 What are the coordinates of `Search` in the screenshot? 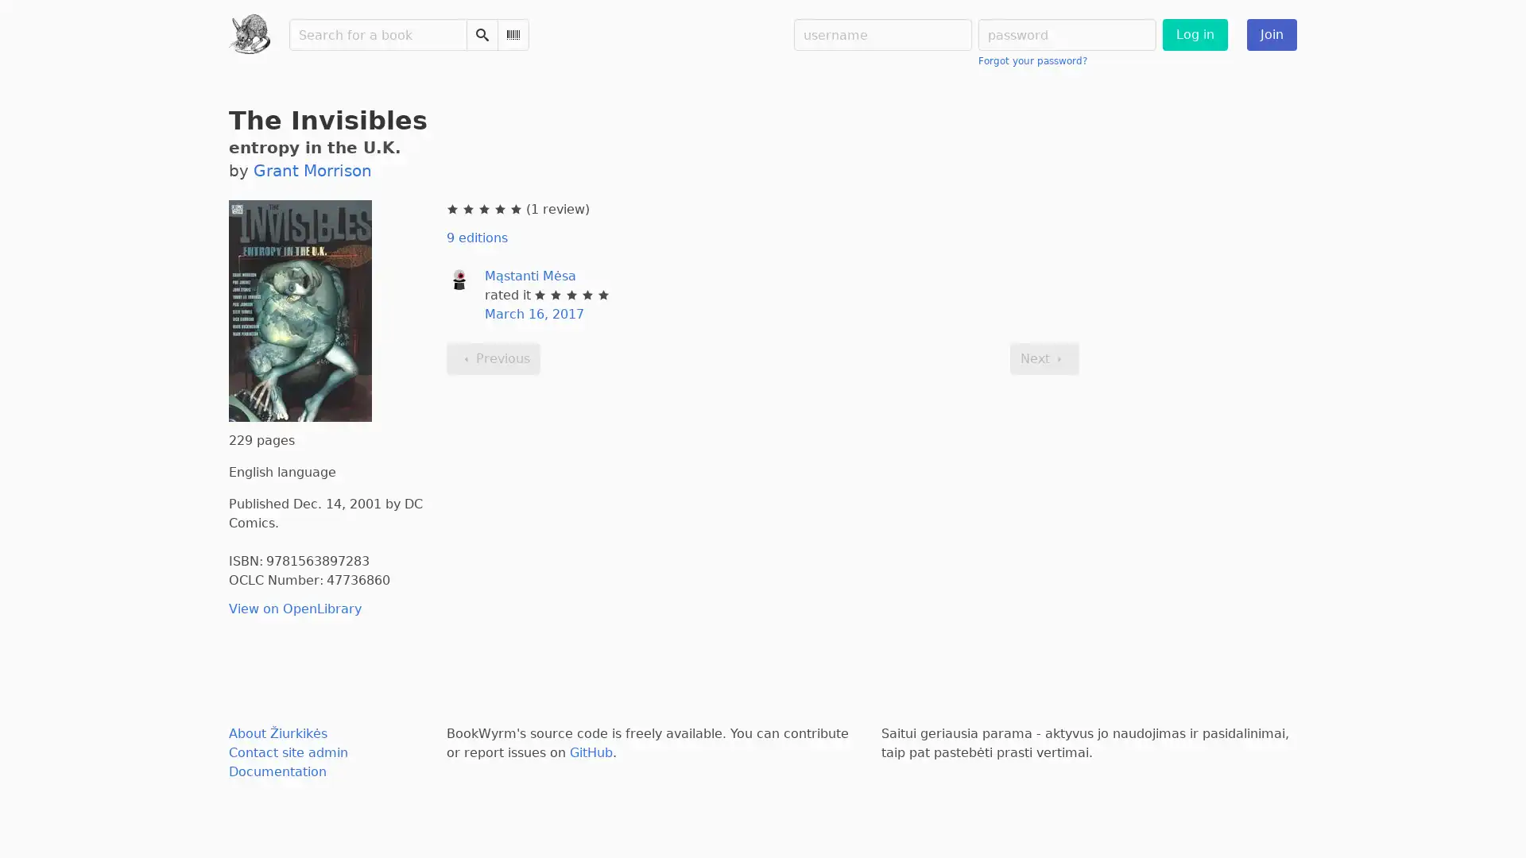 It's located at (480, 34).